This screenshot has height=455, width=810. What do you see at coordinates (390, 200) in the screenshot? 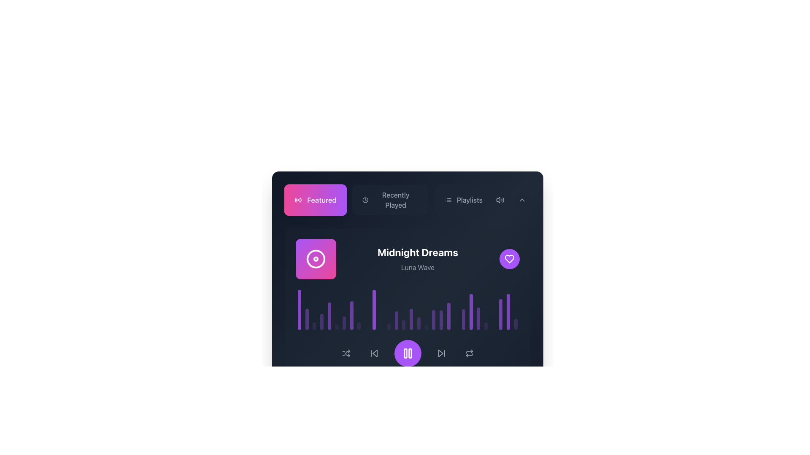
I see `the center button in the group of buttons, which allows users` at bounding box center [390, 200].